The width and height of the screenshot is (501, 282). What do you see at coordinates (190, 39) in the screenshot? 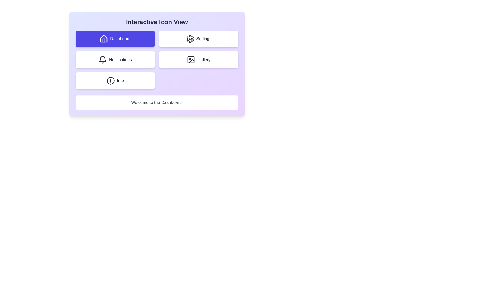
I see `the vibrant gear-shaped icon labeled 'Settings' in the top right quadrant of the application interface` at bounding box center [190, 39].